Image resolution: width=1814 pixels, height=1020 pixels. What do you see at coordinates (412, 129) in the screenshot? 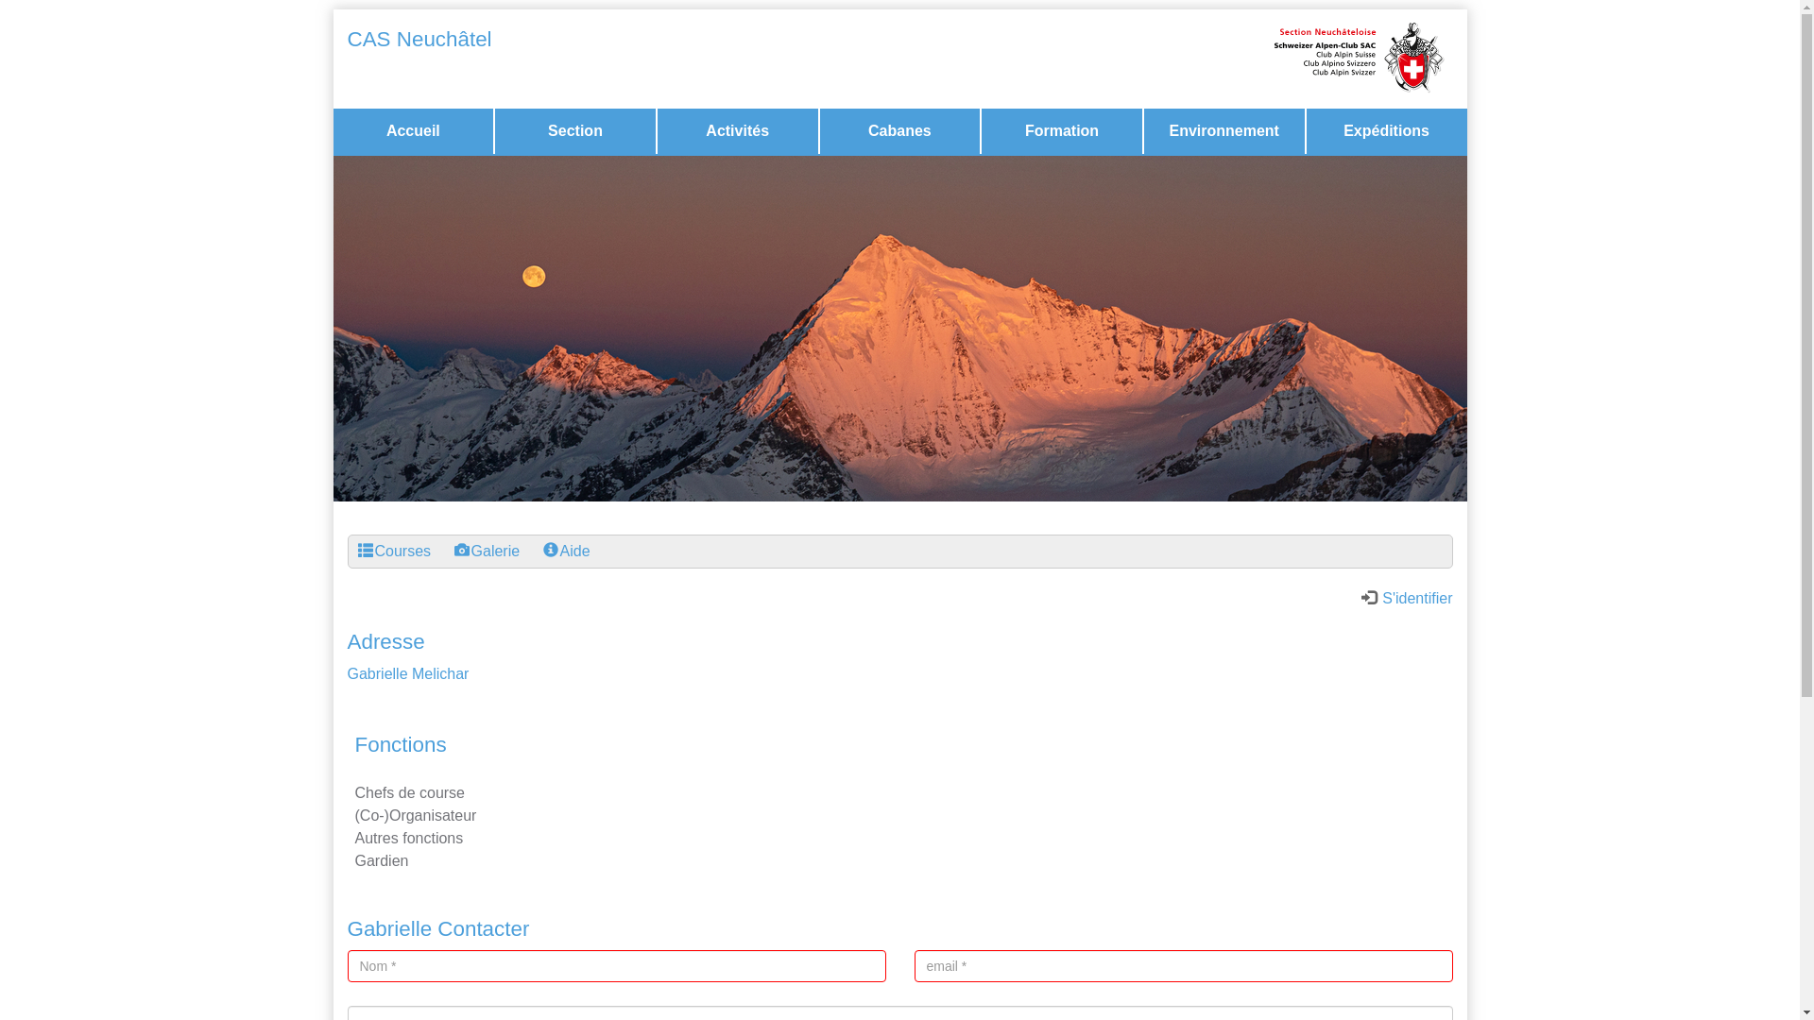
I see `'Accueil'` at bounding box center [412, 129].